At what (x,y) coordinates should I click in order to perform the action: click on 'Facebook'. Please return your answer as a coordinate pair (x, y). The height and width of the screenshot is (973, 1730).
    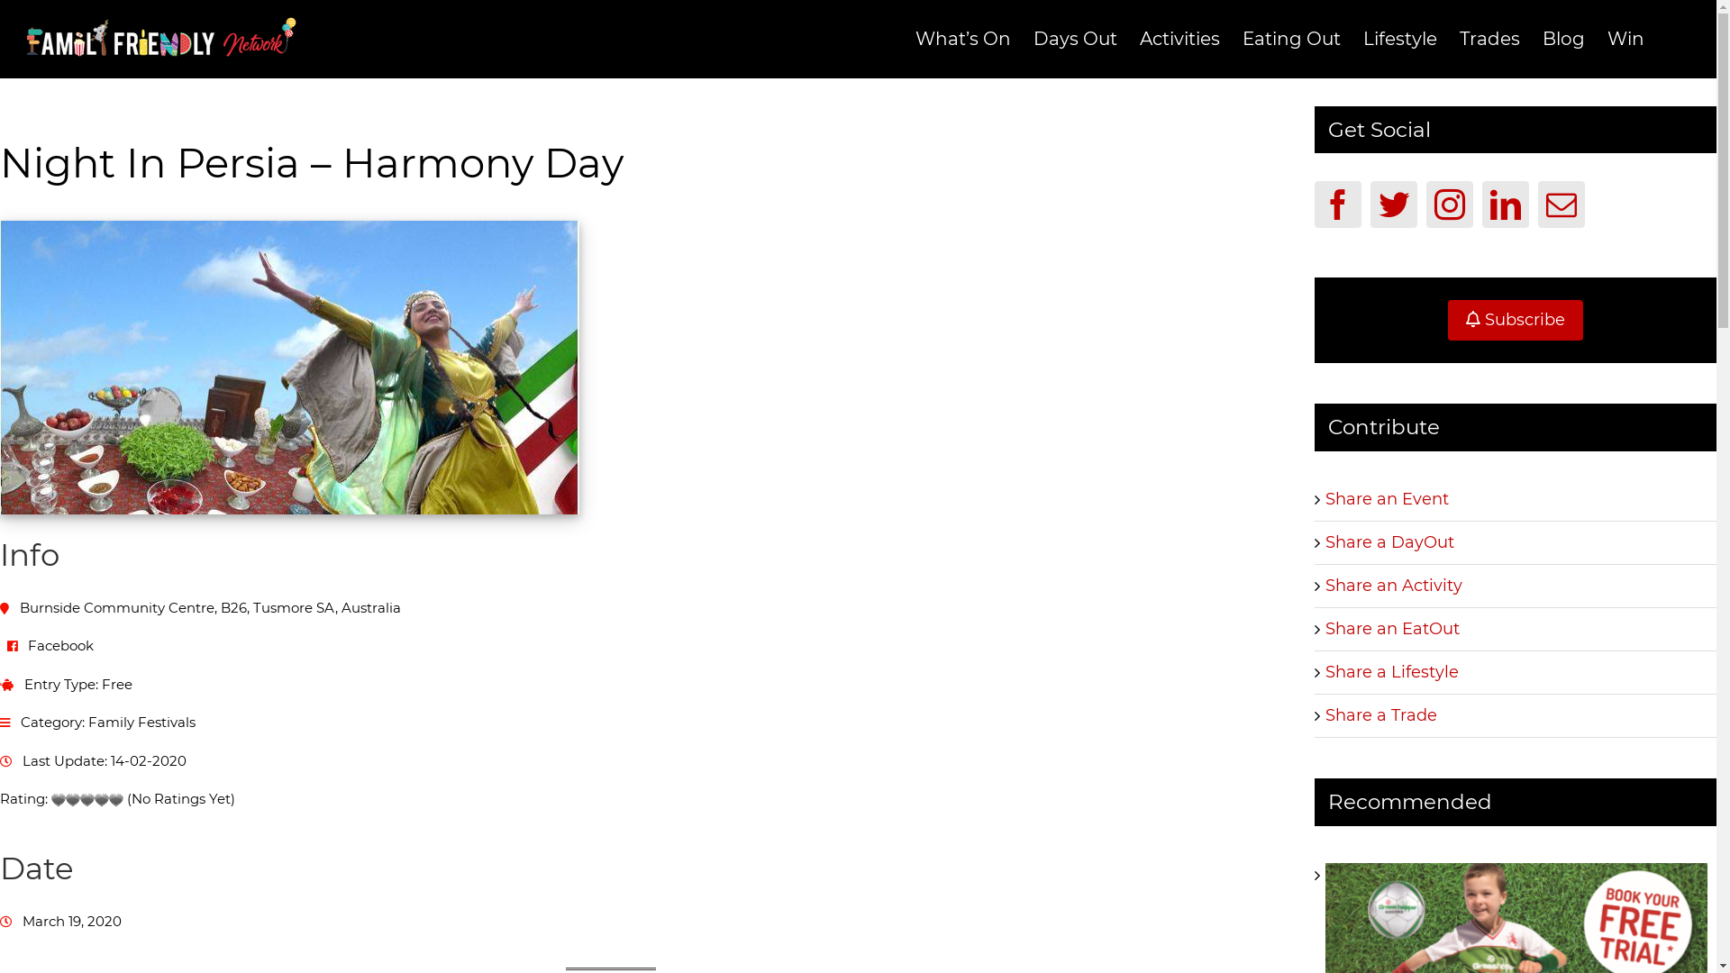
    Looking at the image, I should click on (1337, 204).